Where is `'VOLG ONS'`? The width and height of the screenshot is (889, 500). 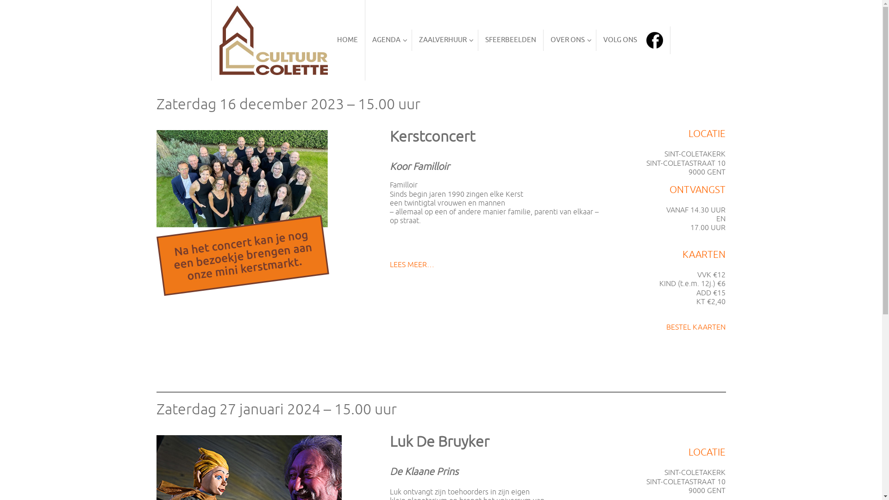 'VOLG ONS' is located at coordinates (596, 40).